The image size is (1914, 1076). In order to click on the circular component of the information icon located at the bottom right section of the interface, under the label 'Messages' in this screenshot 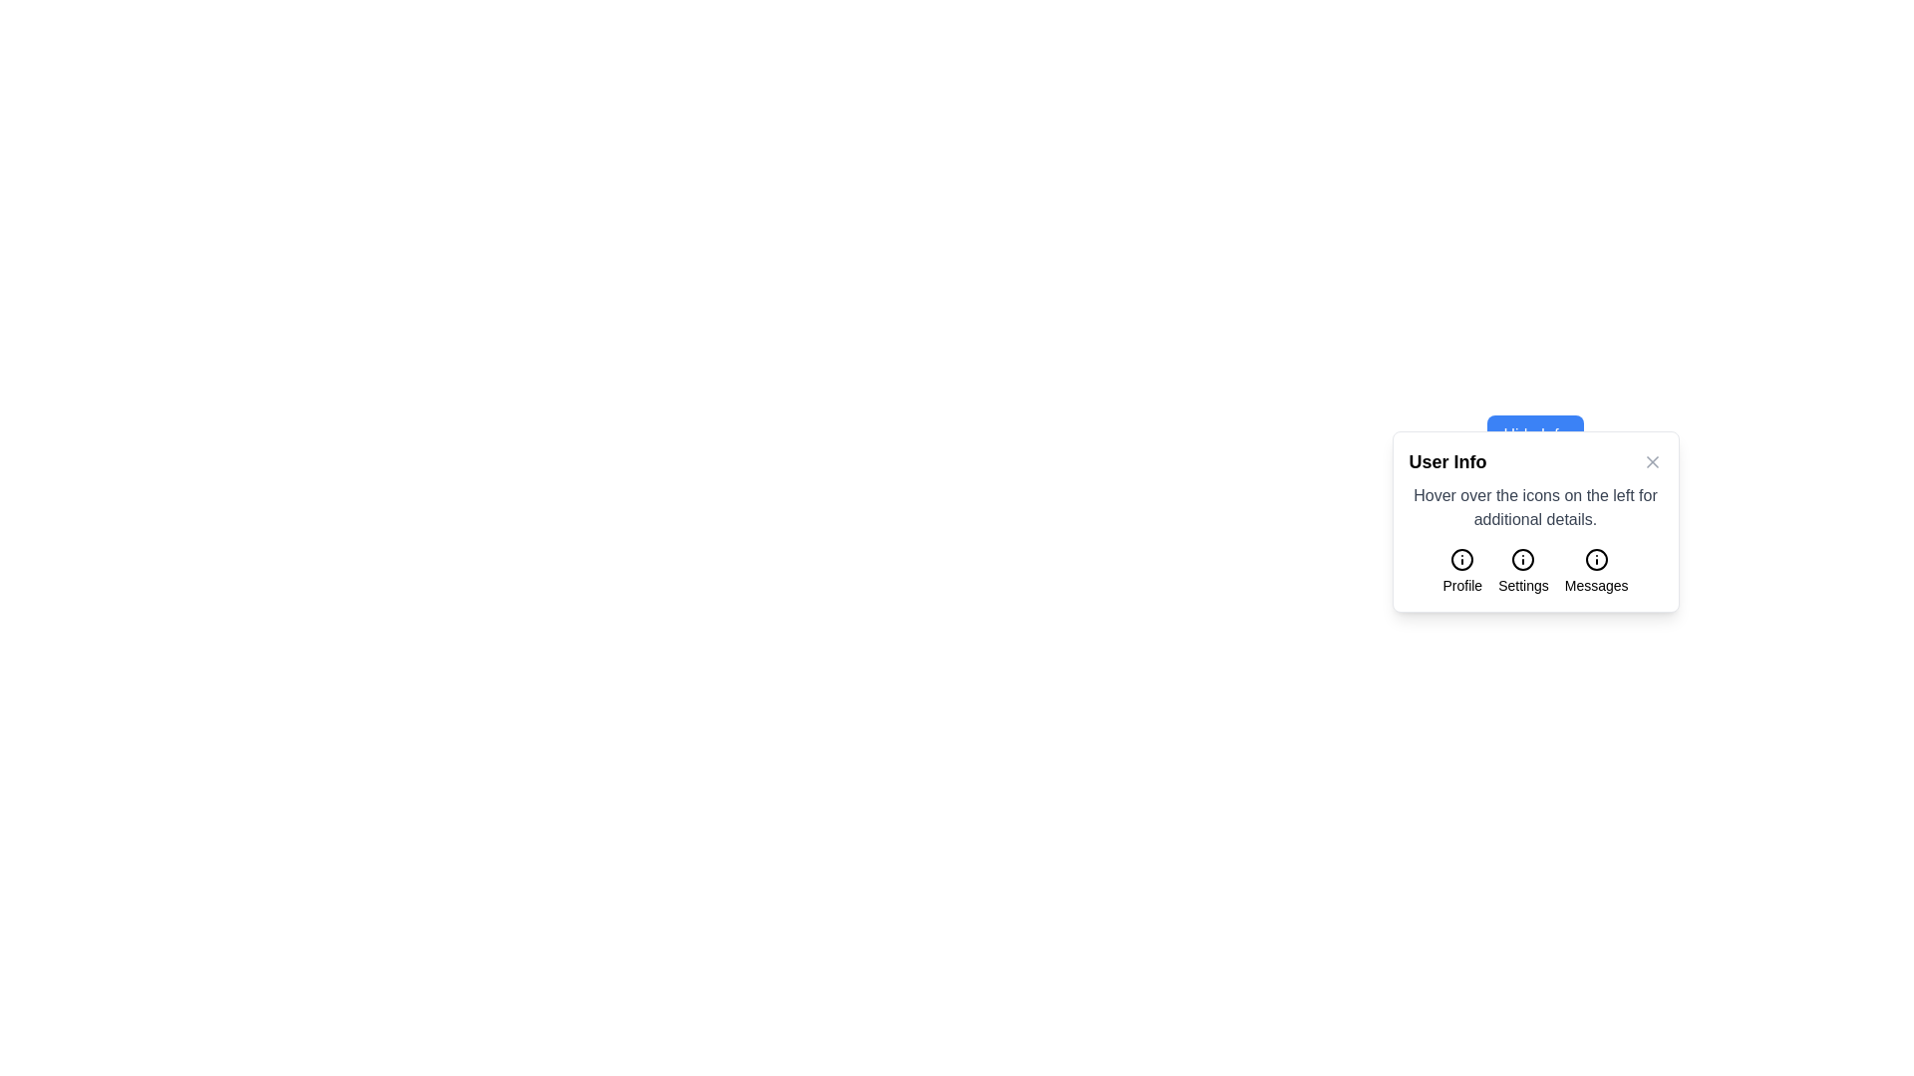, I will do `click(1596, 560)`.